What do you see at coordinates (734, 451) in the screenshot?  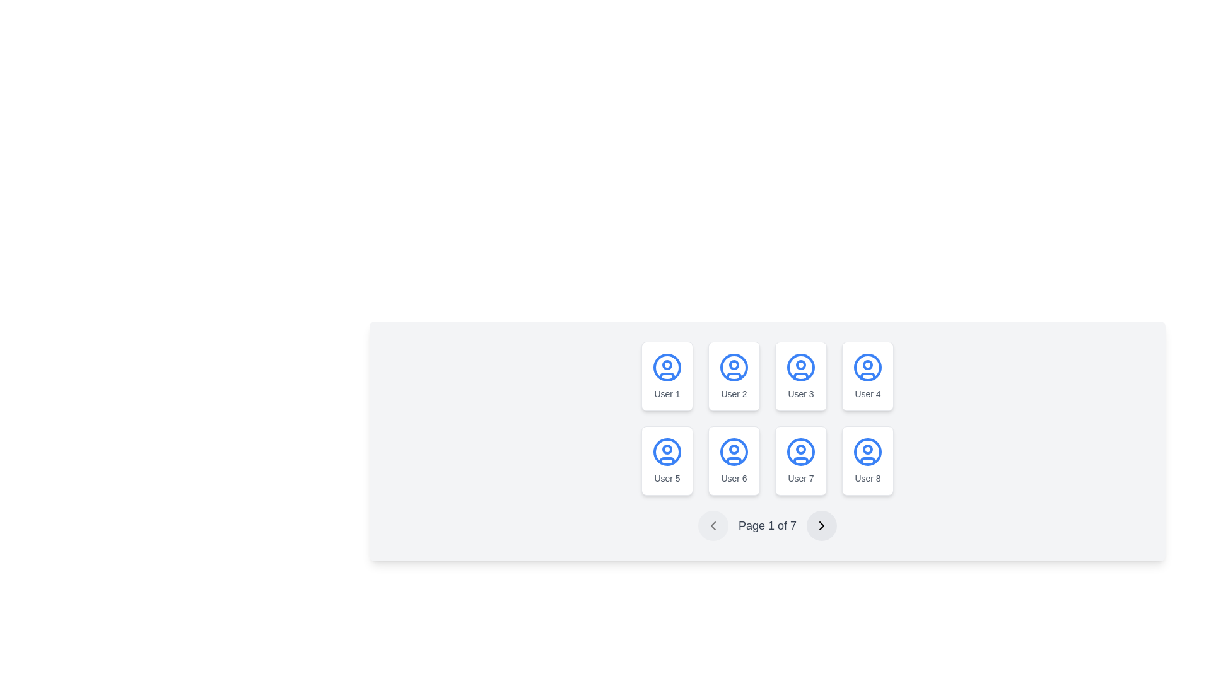 I see `the Avatar Icon representing User 6, located in the second row, second column of the grid layout` at bounding box center [734, 451].